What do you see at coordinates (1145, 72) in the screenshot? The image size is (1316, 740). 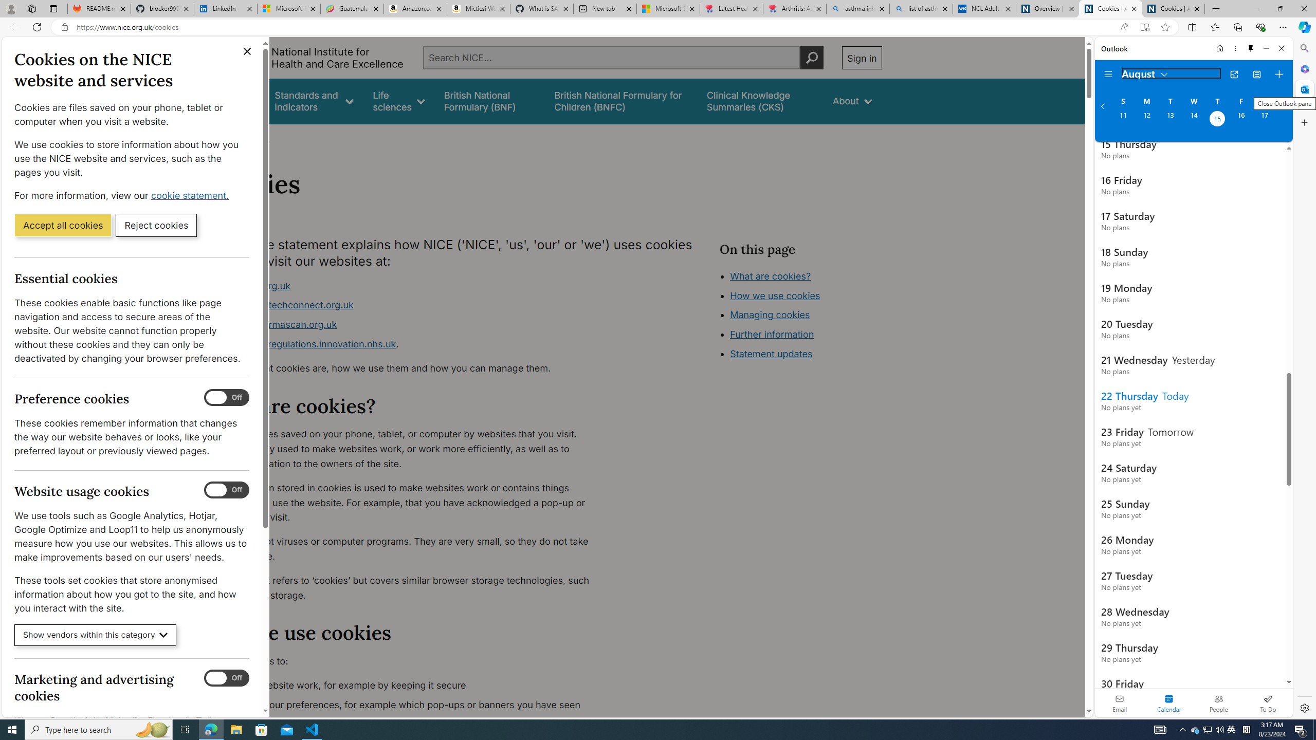 I see `'August'` at bounding box center [1145, 72].